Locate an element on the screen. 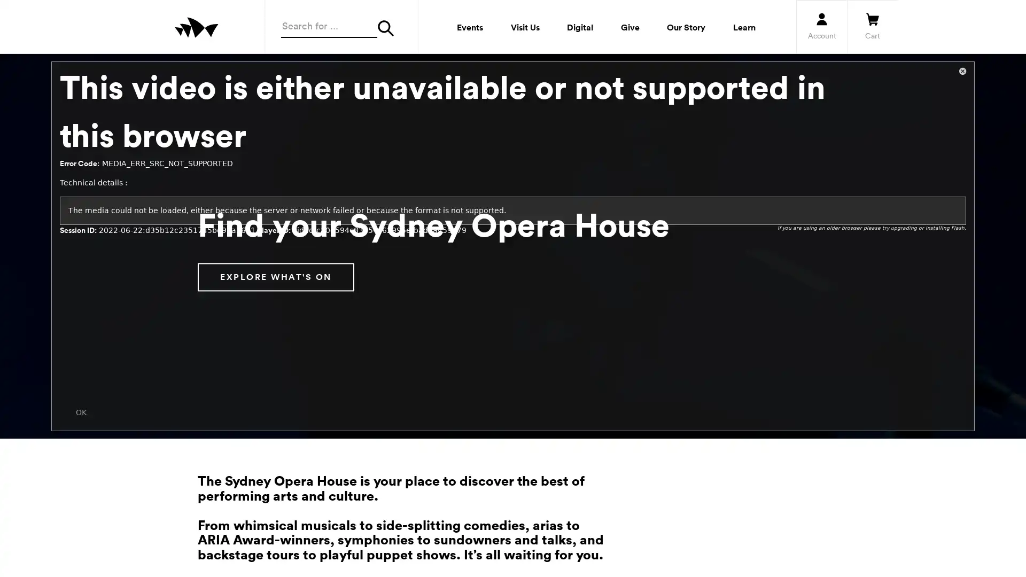  Search is located at coordinates (389, 28).